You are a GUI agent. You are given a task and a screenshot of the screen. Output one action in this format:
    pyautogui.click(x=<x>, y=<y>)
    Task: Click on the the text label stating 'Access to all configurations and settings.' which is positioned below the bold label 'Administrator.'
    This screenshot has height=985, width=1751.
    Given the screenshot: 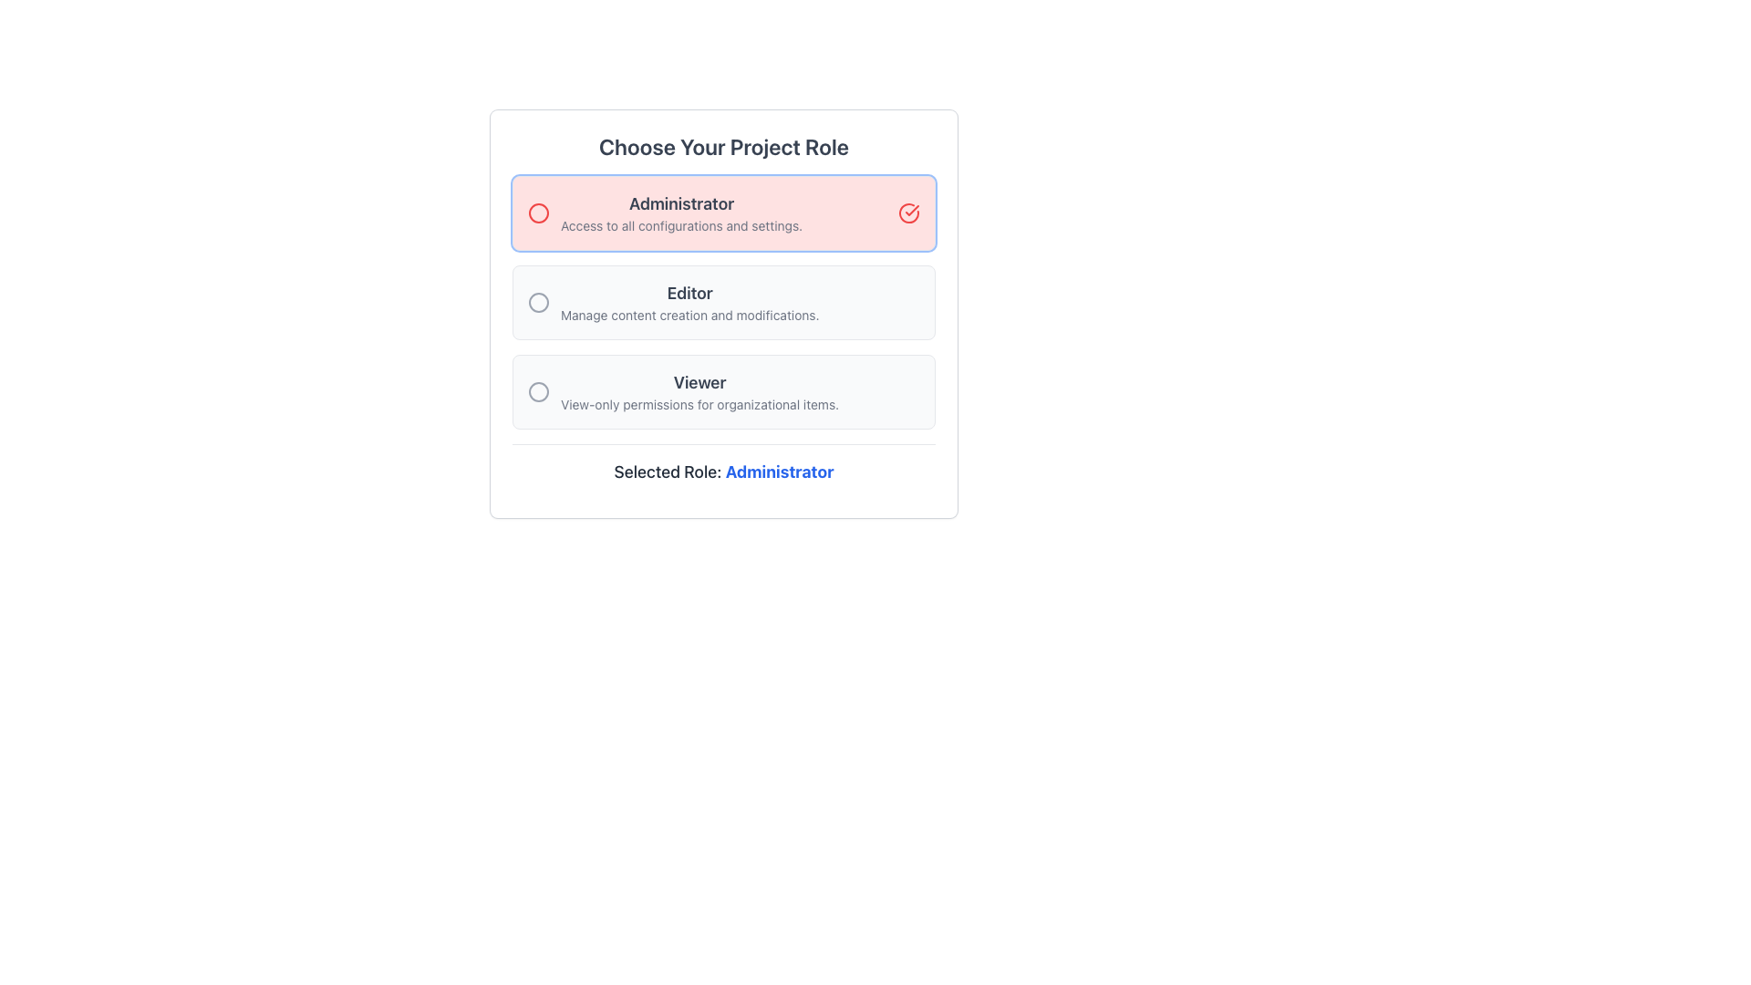 What is the action you would take?
    pyautogui.click(x=680, y=224)
    